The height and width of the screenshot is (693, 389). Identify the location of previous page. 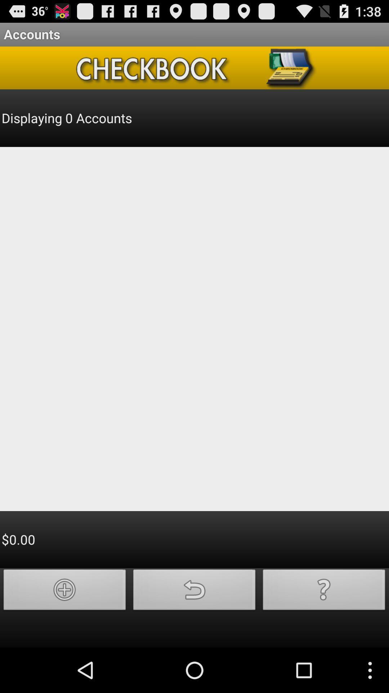
(194, 592).